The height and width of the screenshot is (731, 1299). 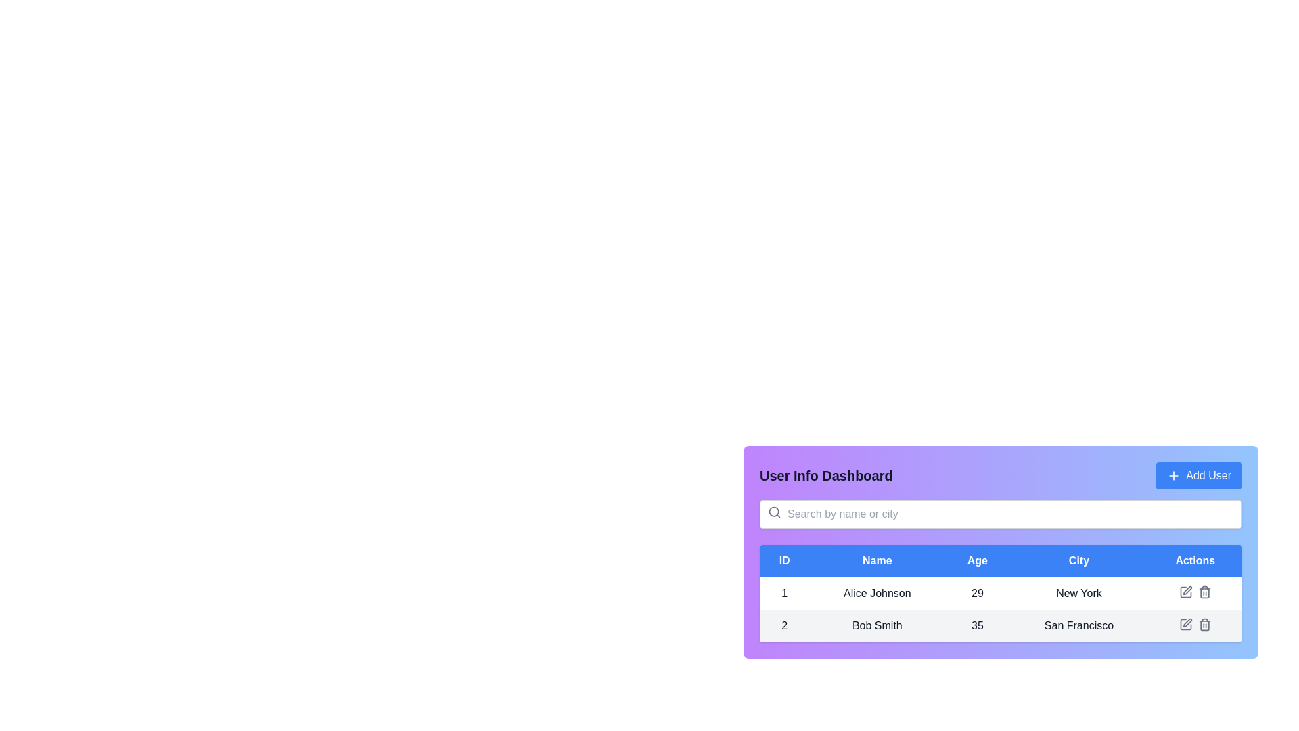 I want to click on the trash icon button located on the right-most side of the action buttons in the 'Actions' column for the row corresponding to the user 'Bob Smith' in the 'User Info Dashboard' to initiate a delete action, so click(x=1204, y=624).